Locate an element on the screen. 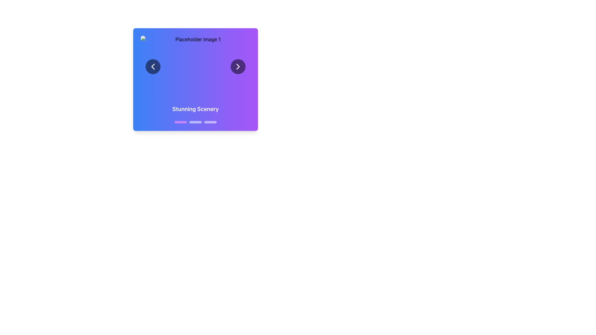  the second oval of the Pagination Indicator, which is purple and located below the text 'Stunning Scenery' is located at coordinates (195, 122).